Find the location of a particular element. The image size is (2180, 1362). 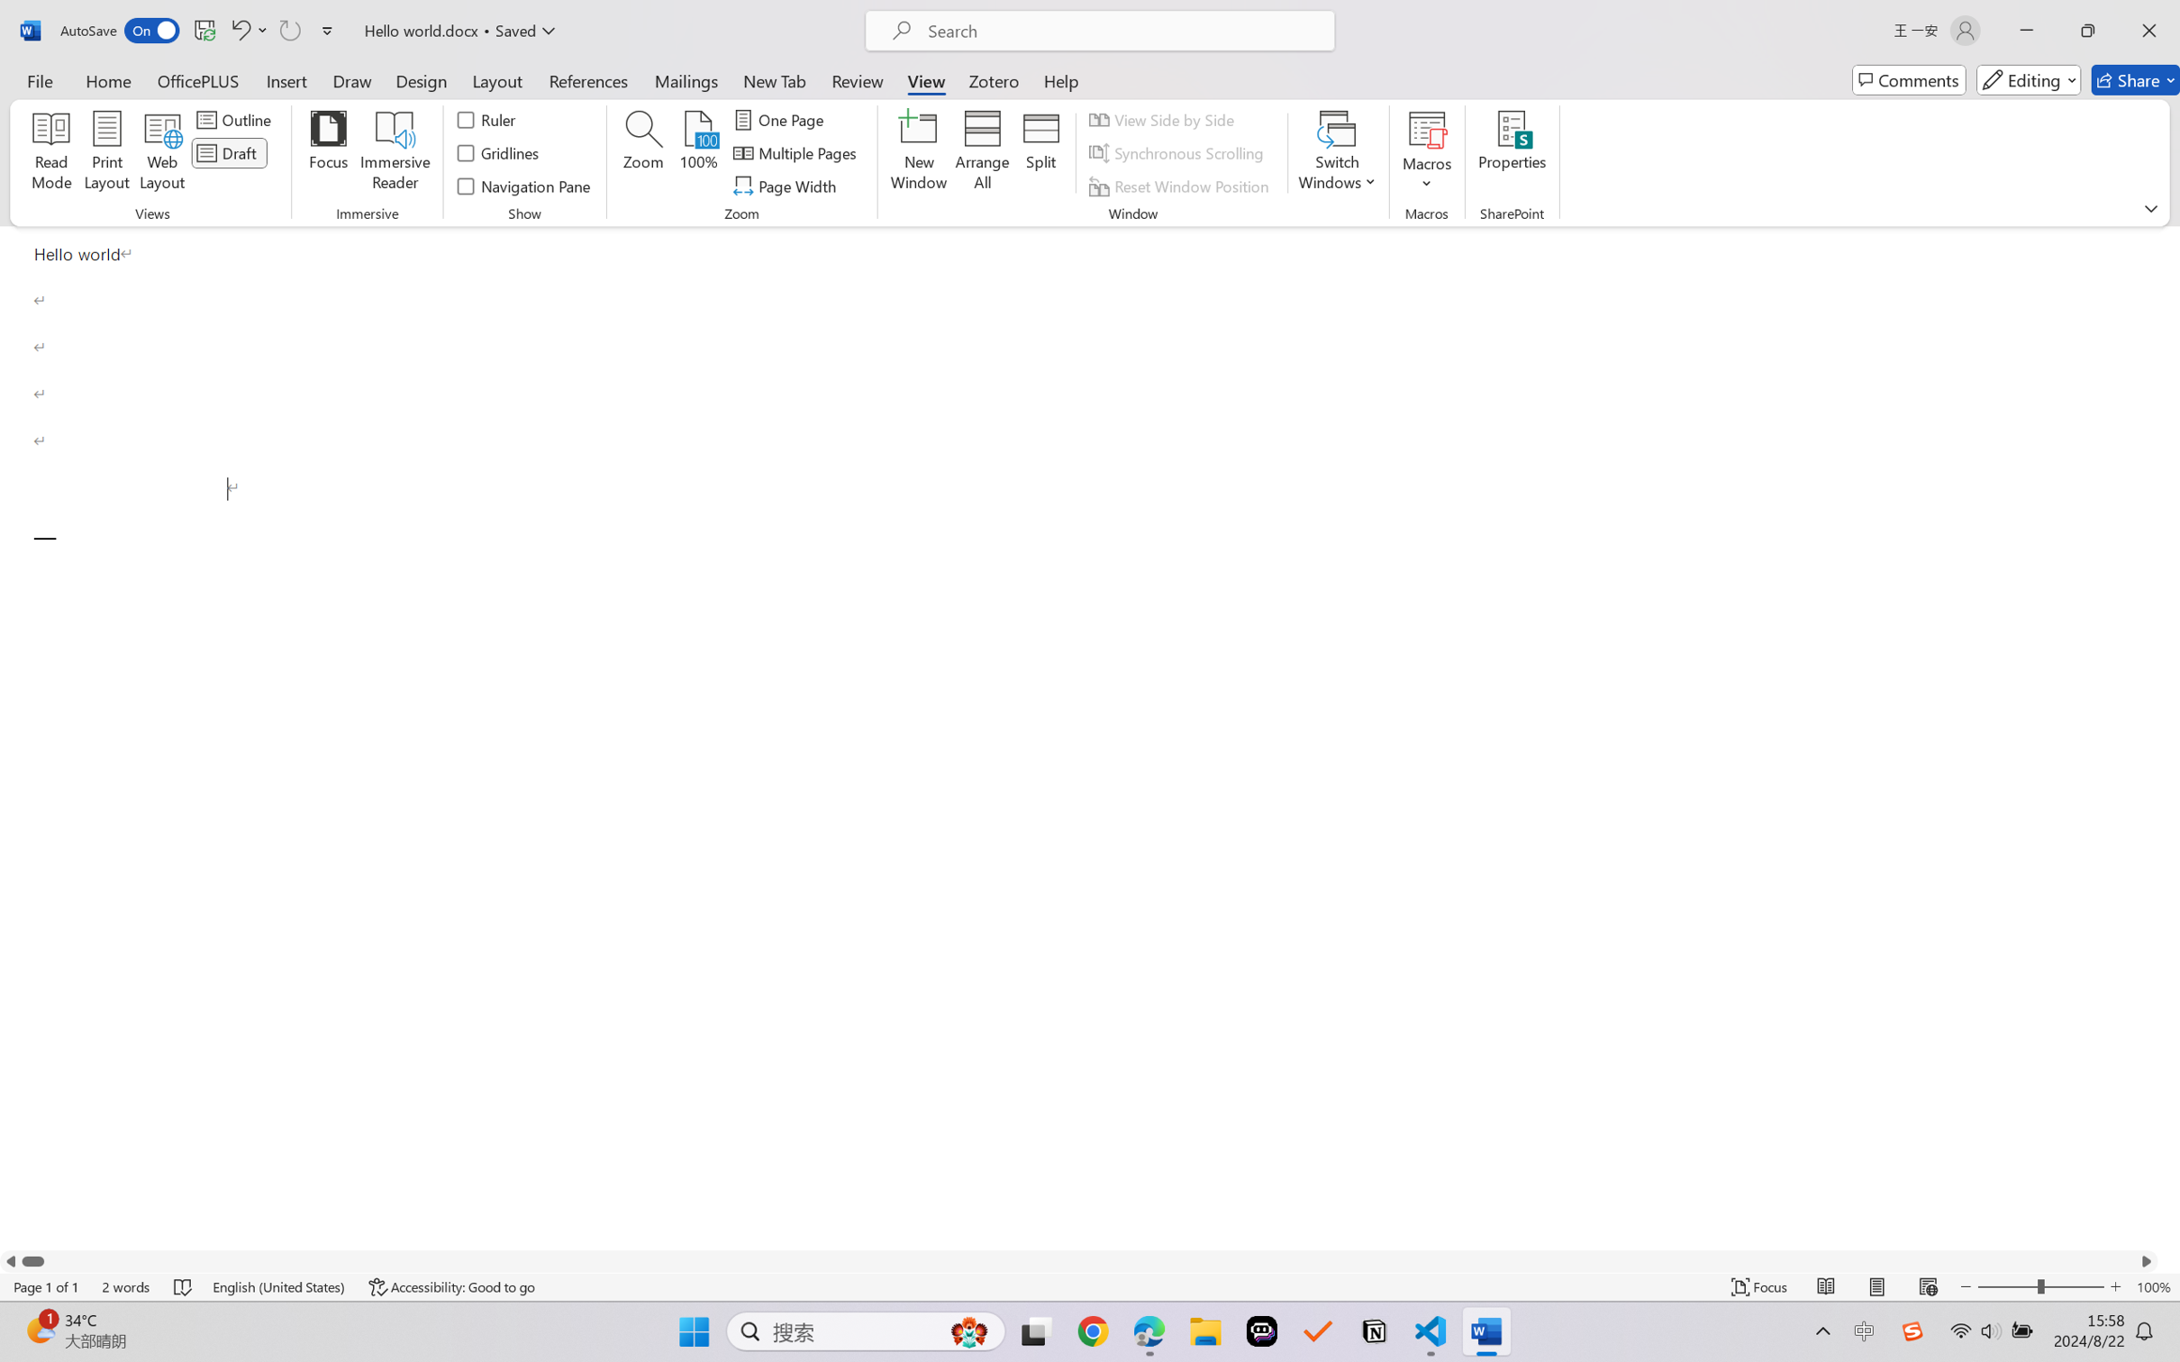

'Page Number Page 1 of 1' is located at coordinates (47, 1286).